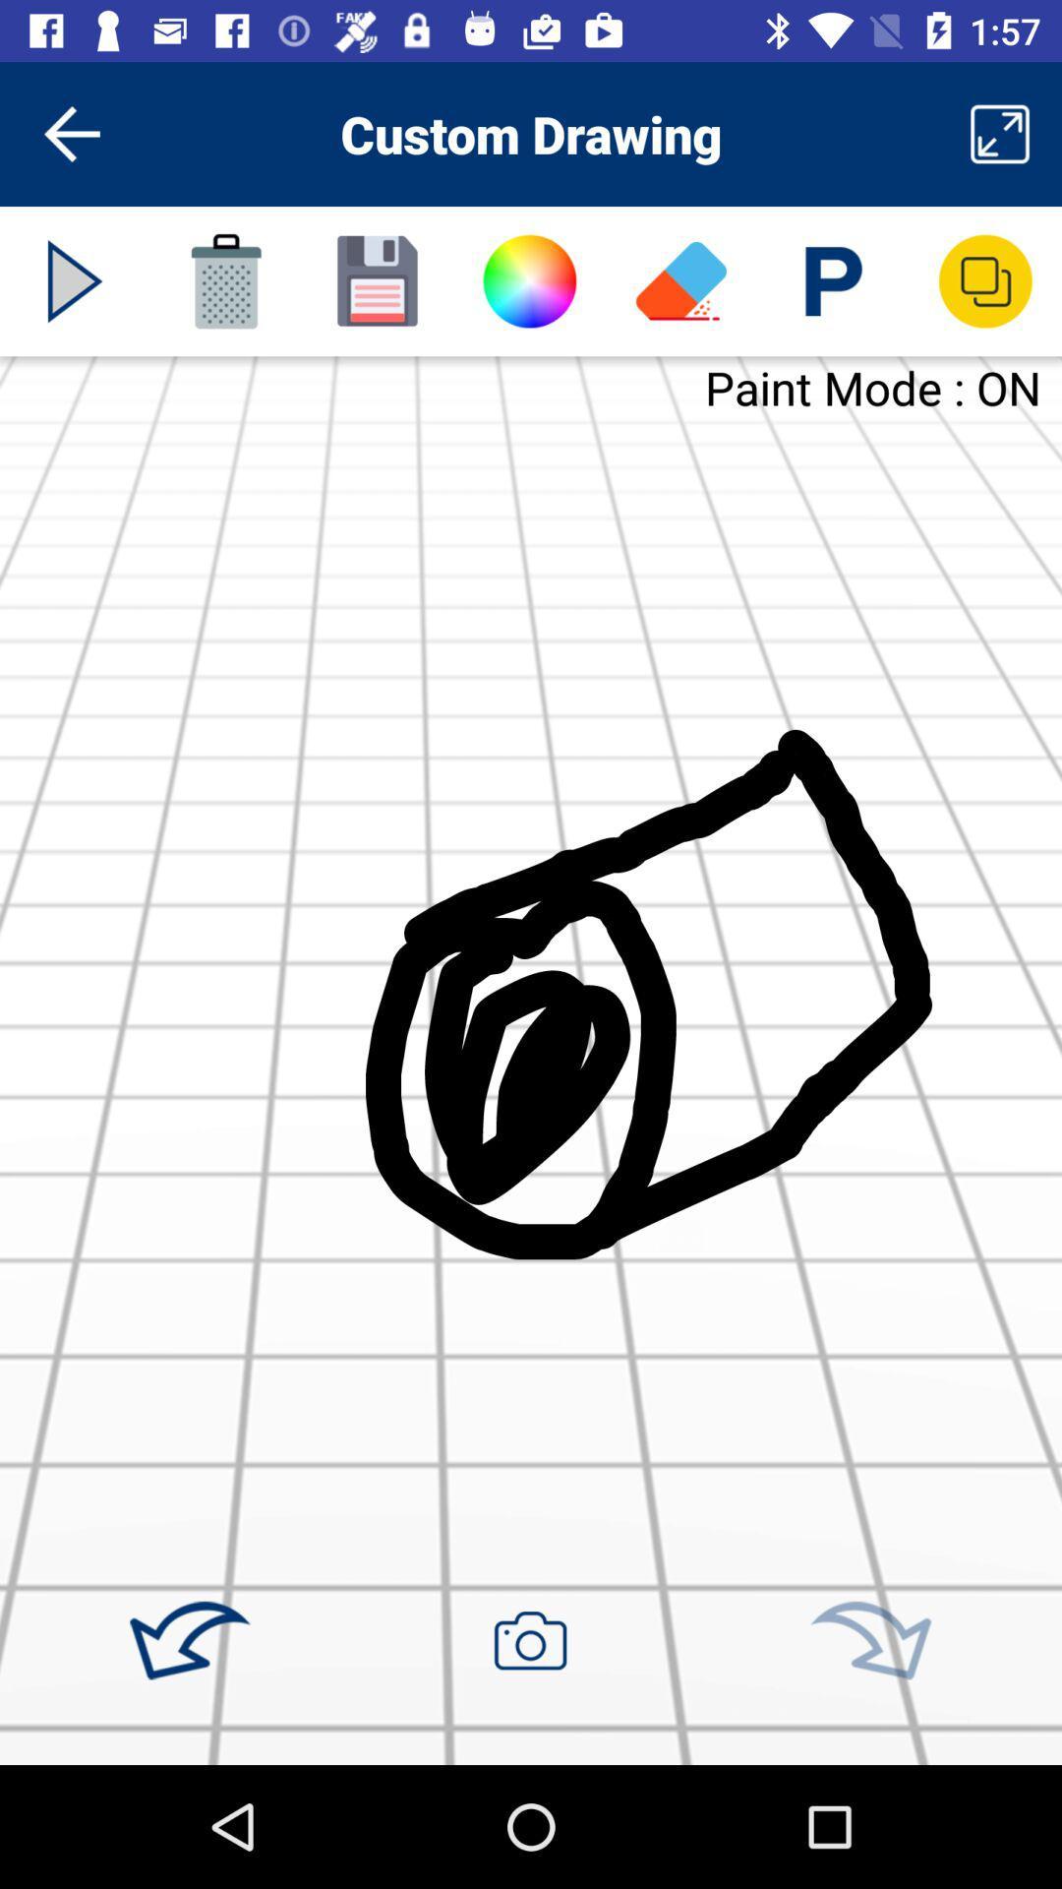  Describe the element at coordinates (378, 280) in the screenshot. I see `image` at that location.